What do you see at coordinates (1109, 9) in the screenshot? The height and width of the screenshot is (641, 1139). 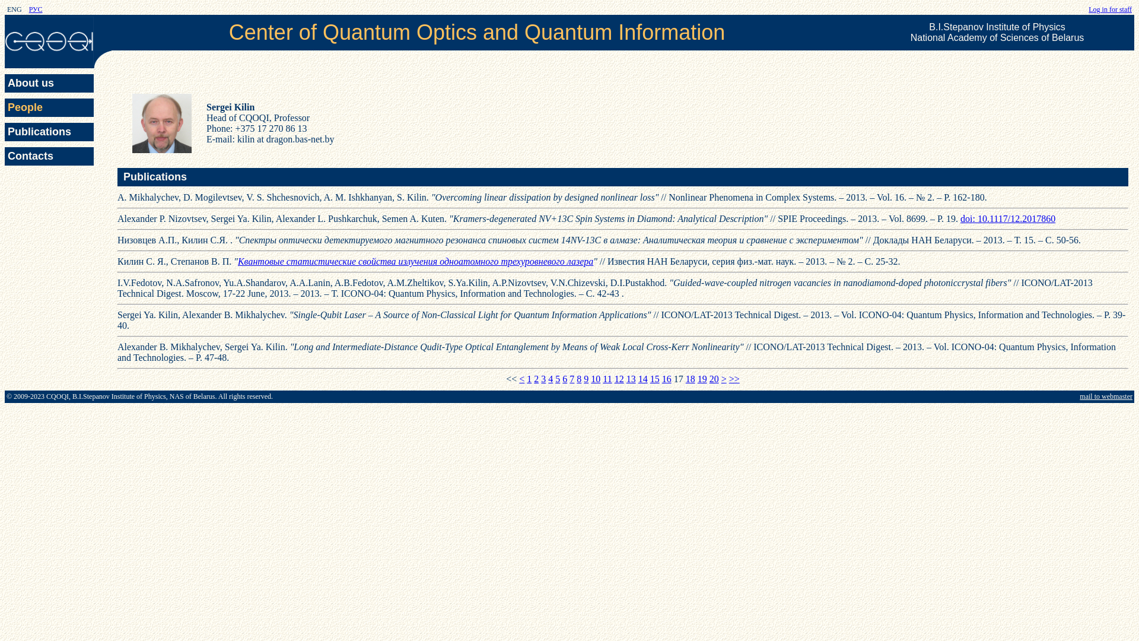 I see `'Log in for staff'` at bounding box center [1109, 9].